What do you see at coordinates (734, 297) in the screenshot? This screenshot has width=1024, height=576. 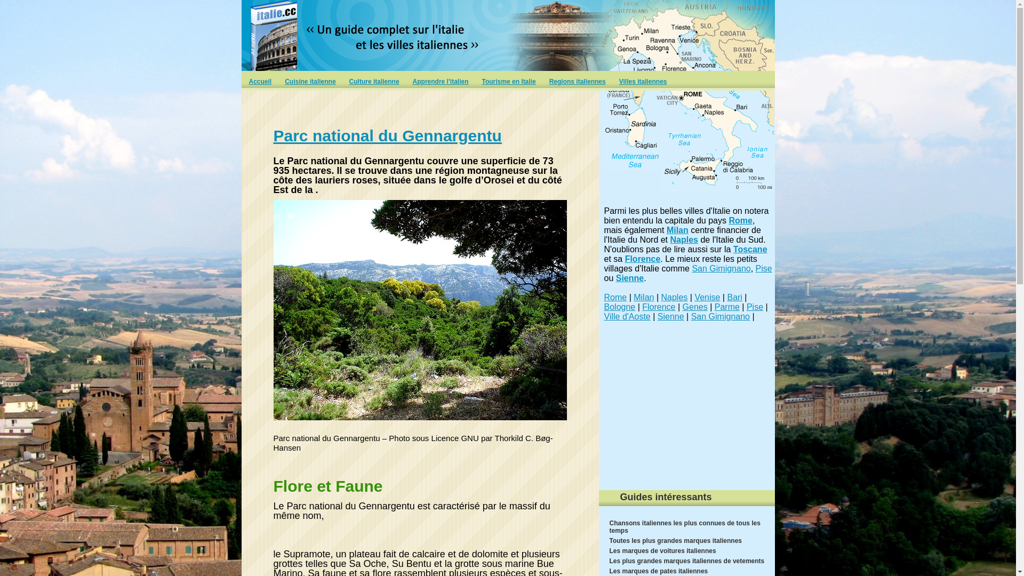 I see `'Bari'` at bounding box center [734, 297].